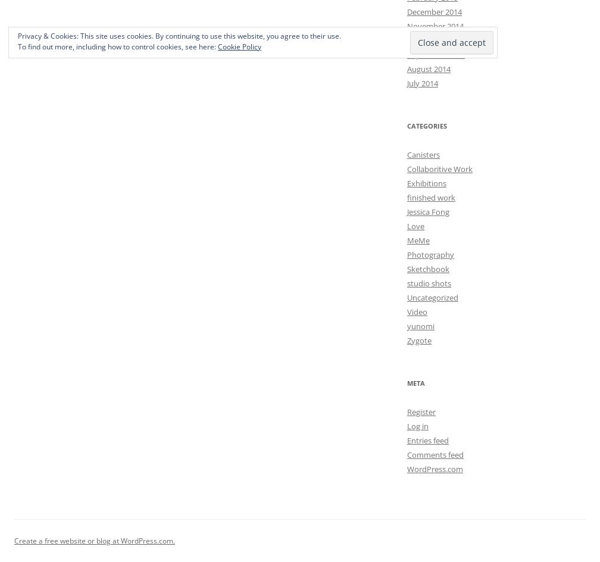 The width and height of the screenshot is (600, 562). Describe the element at coordinates (423, 154) in the screenshot. I see `'Canisters'` at that location.